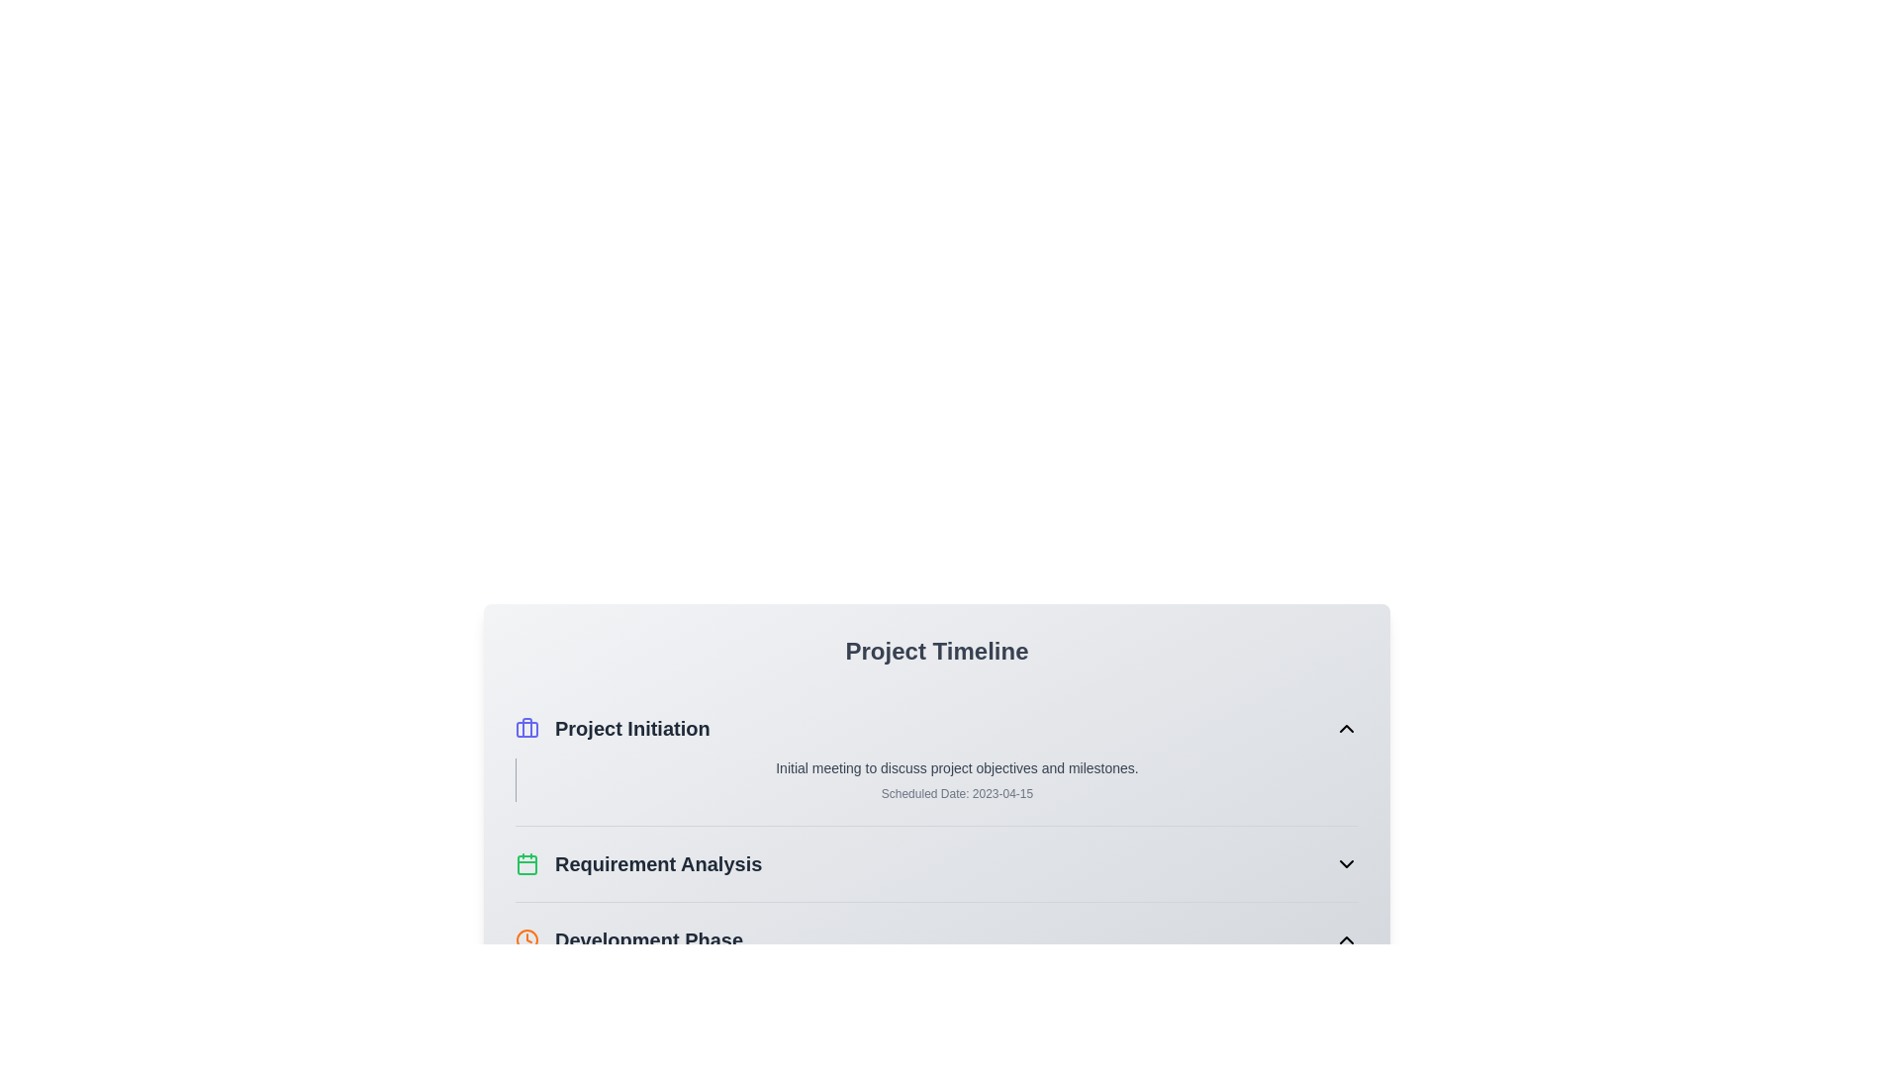 The image size is (1900, 1068). Describe the element at coordinates (638, 863) in the screenshot. I see `text displayed on the 'Requirement Analysis' label located in the Project Timeline section, which is the second item in the list` at that location.